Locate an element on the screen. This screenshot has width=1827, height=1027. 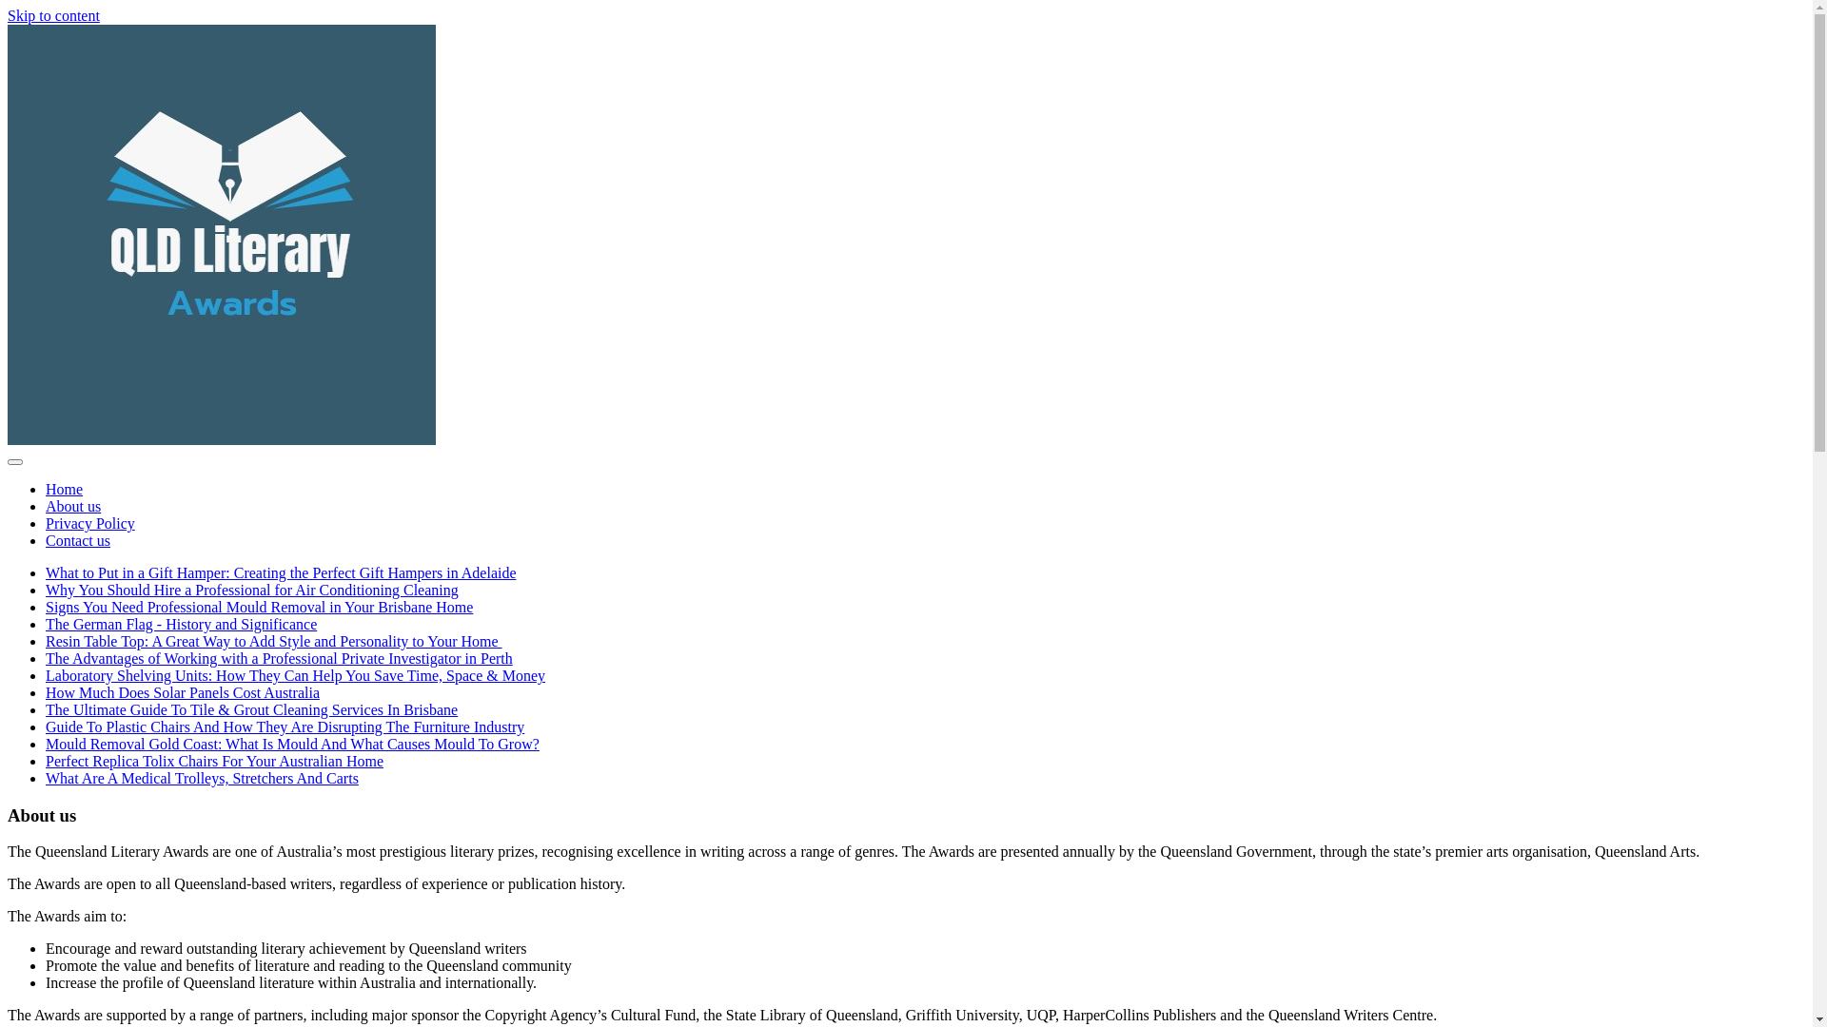
'Contact us' is located at coordinates (76, 540).